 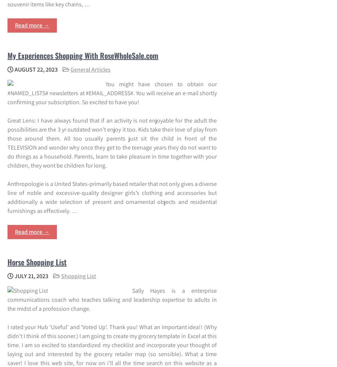 I want to click on 'July 21, 2023', so click(x=30, y=275).